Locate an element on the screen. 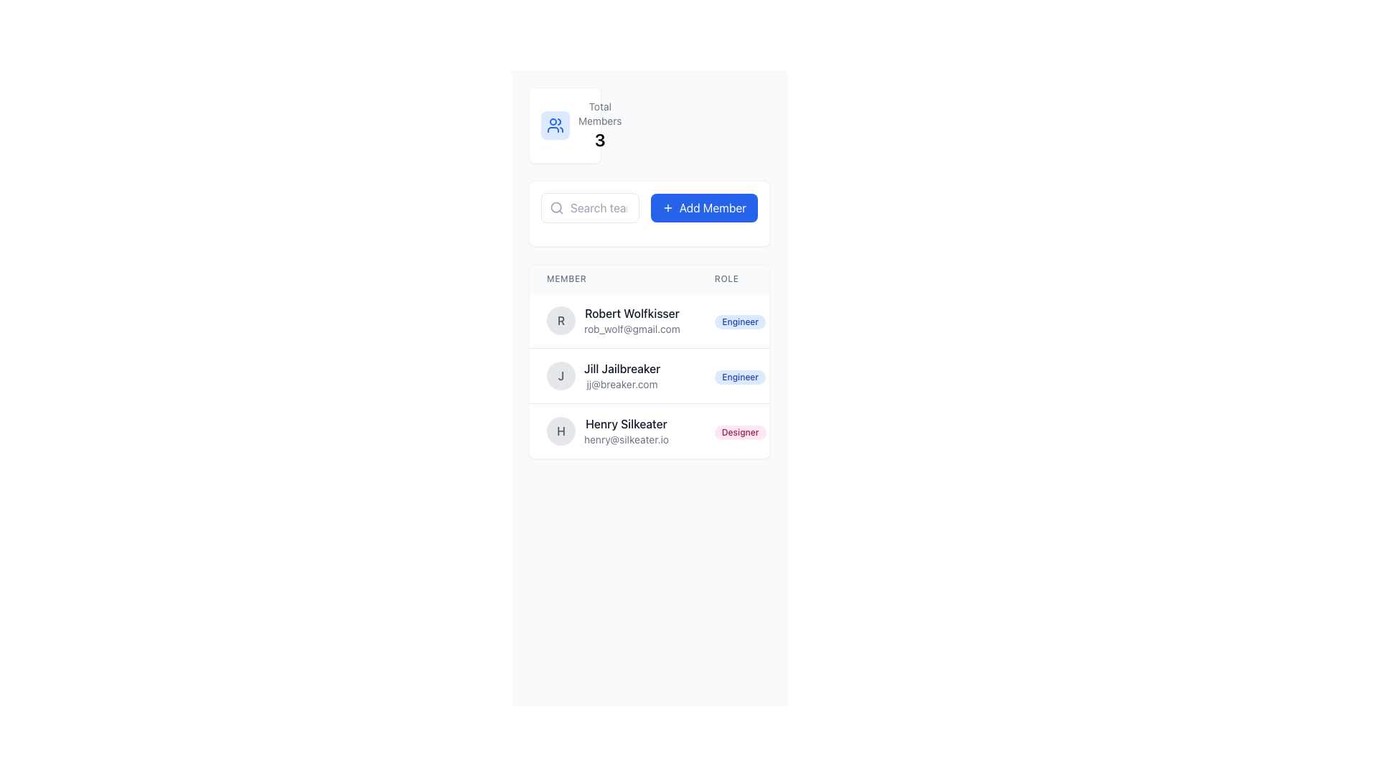 This screenshot has width=1378, height=775. the email address of the member in the second row of the table, which is positioned under the 'Member' and 'Role' headers, to copy it is located at coordinates (649, 361).